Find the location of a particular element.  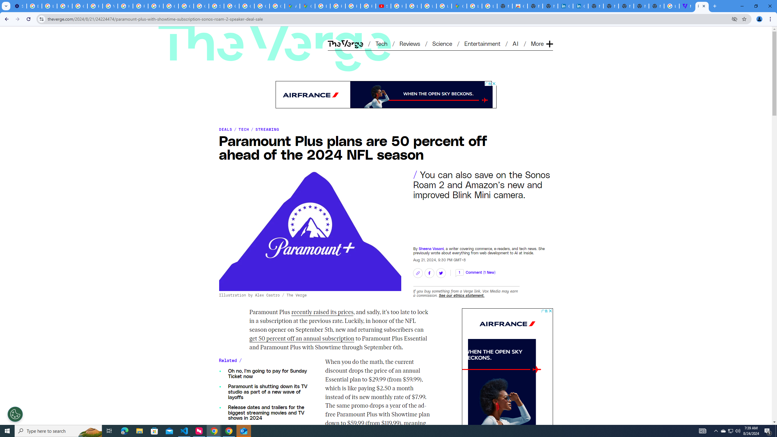

'Share on Facebook' is located at coordinates (429, 273).